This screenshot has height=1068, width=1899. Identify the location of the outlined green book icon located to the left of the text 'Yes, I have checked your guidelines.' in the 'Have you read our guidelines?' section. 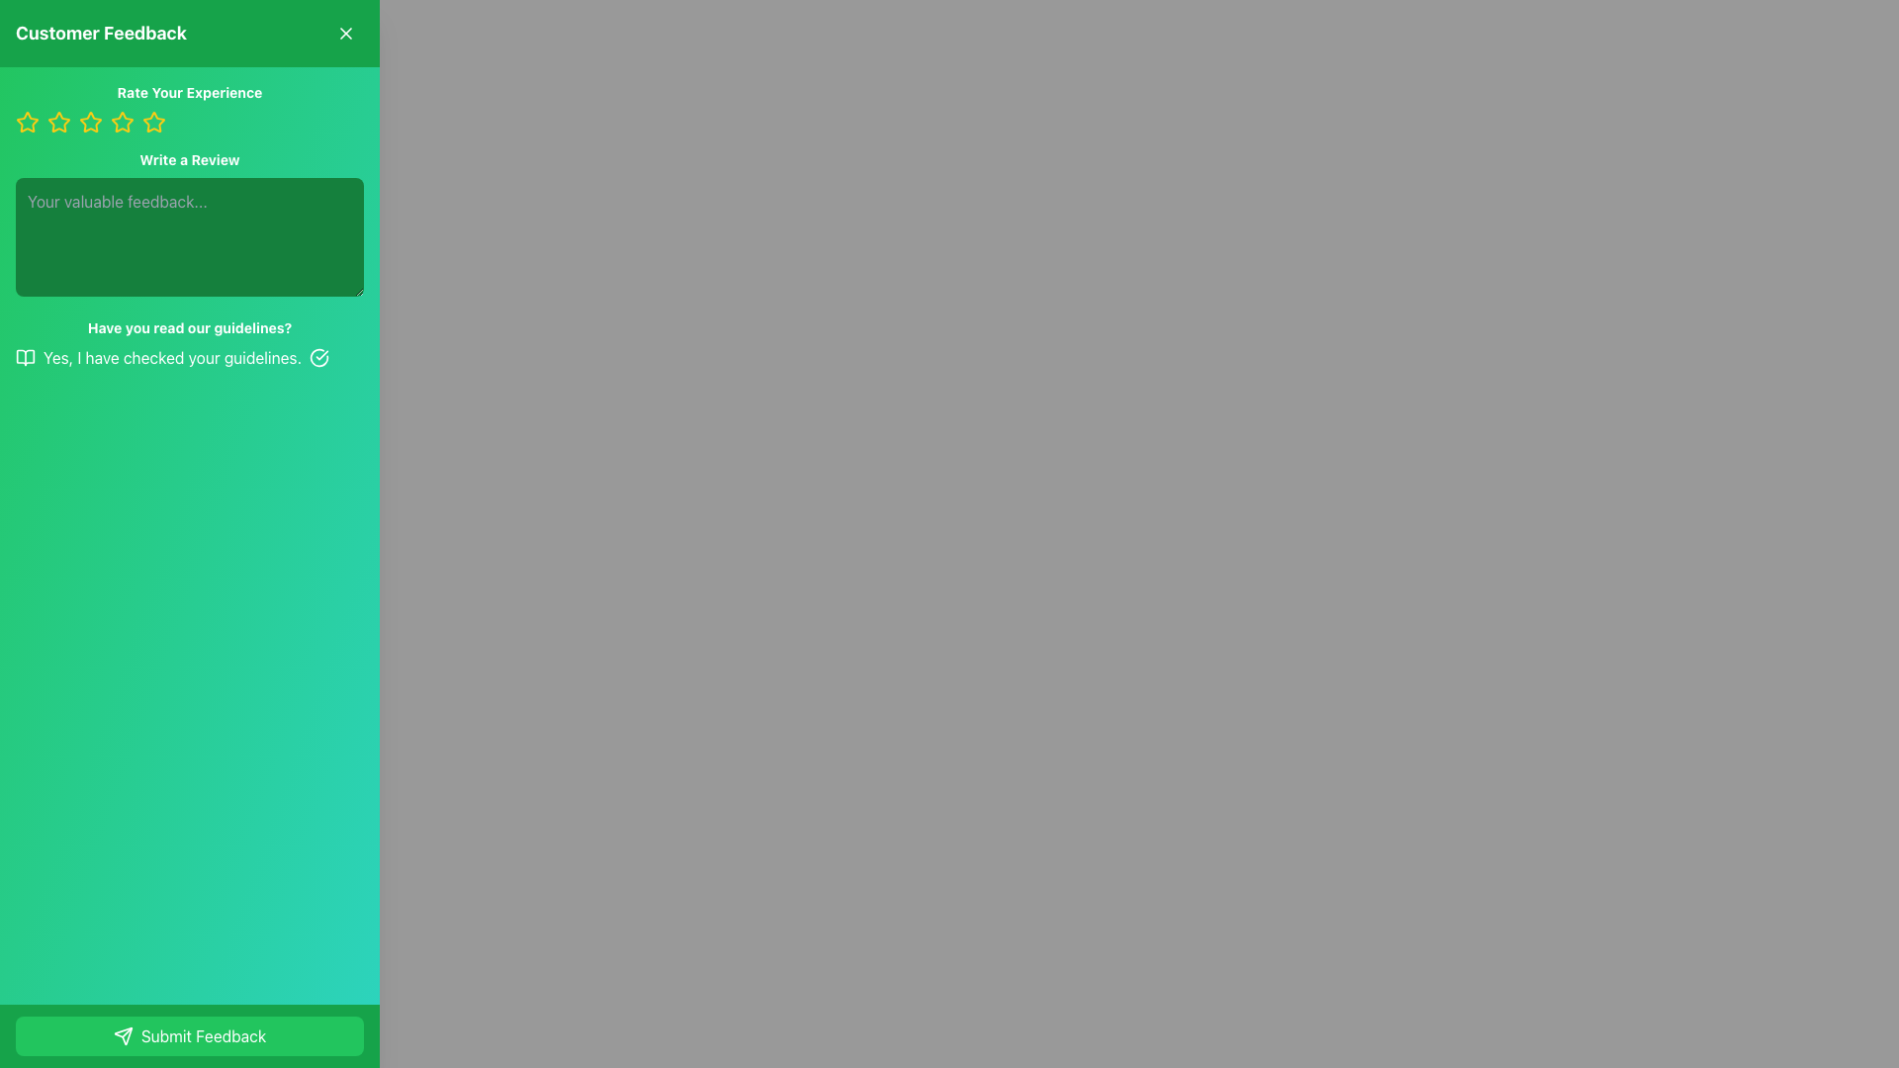
(25, 358).